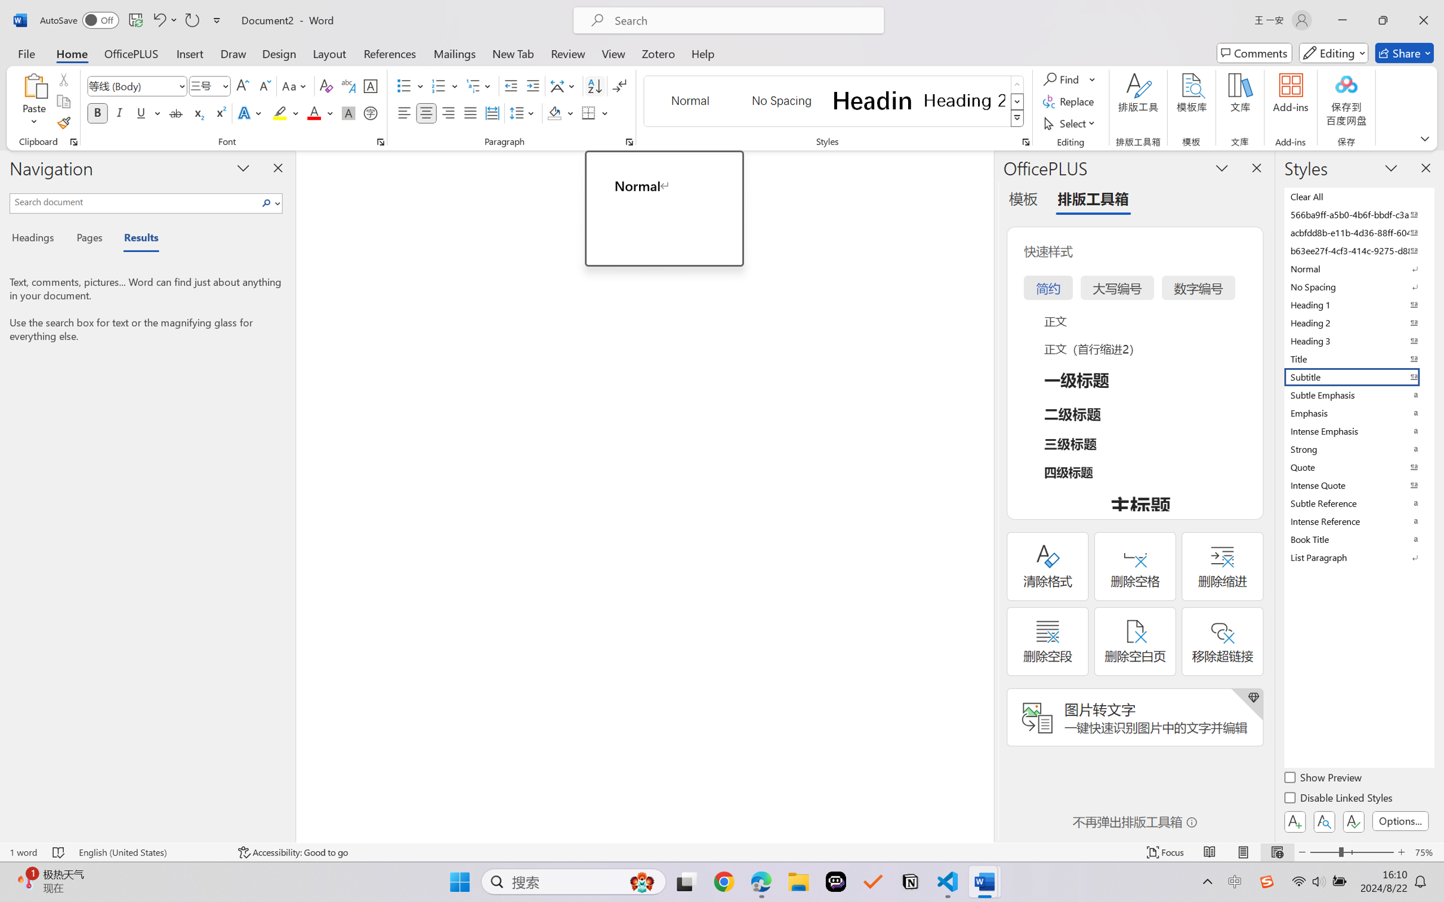  Describe the element at coordinates (594, 86) in the screenshot. I see `'Sort...'` at that location.